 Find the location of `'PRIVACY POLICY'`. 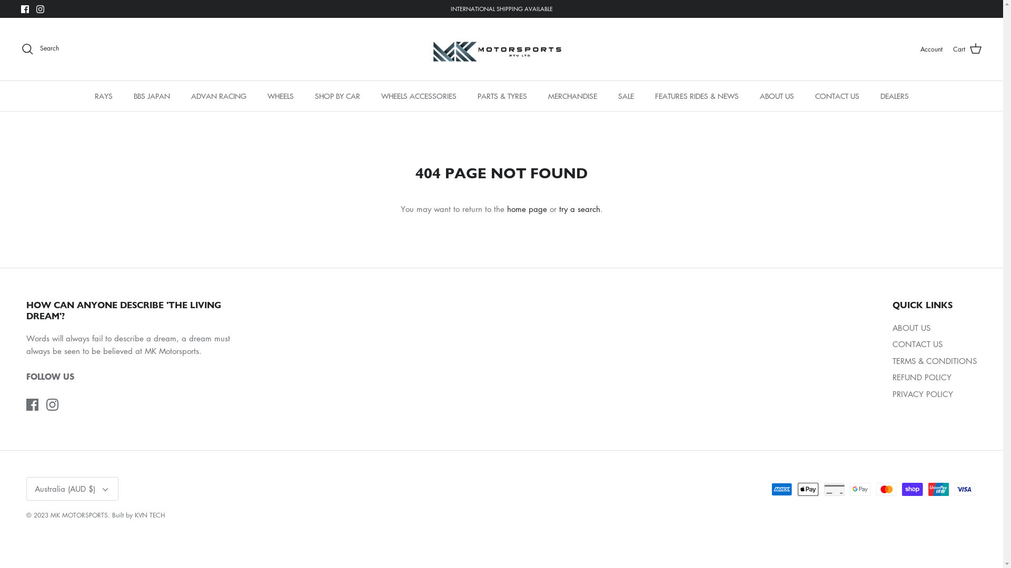

'PRIVACY POLICY' is located at coordinates (922, 393).